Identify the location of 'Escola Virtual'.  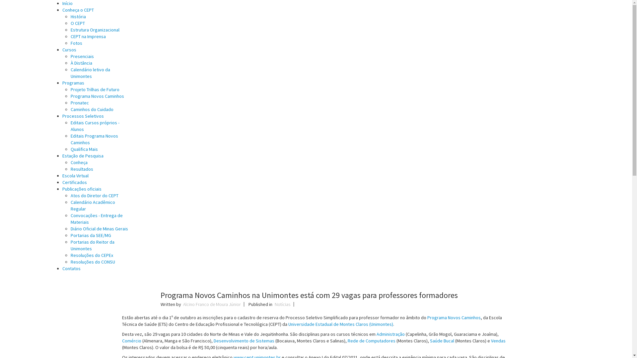
(75, 175).